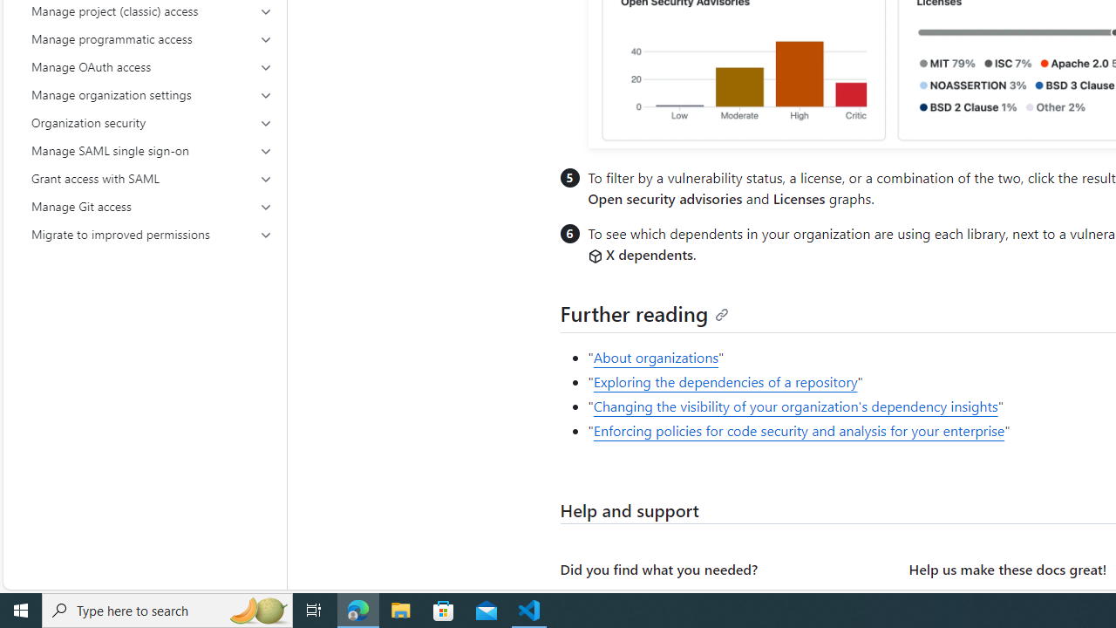 The width and height of the screenshot is (1116, 628). Describe the element at coordinates (152, 178) in the screenshot. I see `'Grant access with SAML'` at that location.